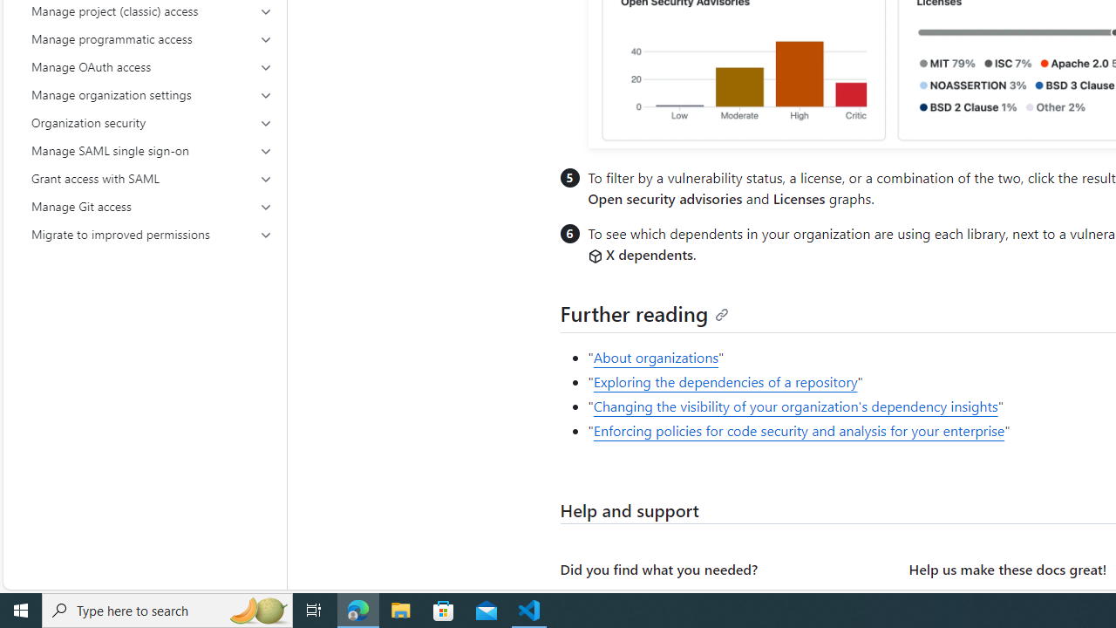 The width and height of the screenshot is (1116, 628). Describe the element at coordinates (152, 178) in the screenshot. I see `'Grant access with SAML'` at that location.